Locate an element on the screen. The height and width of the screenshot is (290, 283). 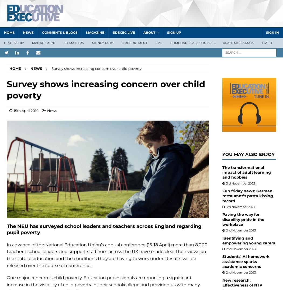
'Fun friday news: German restaurant’s pasta kissing record' is located at coordinates (247, 195).